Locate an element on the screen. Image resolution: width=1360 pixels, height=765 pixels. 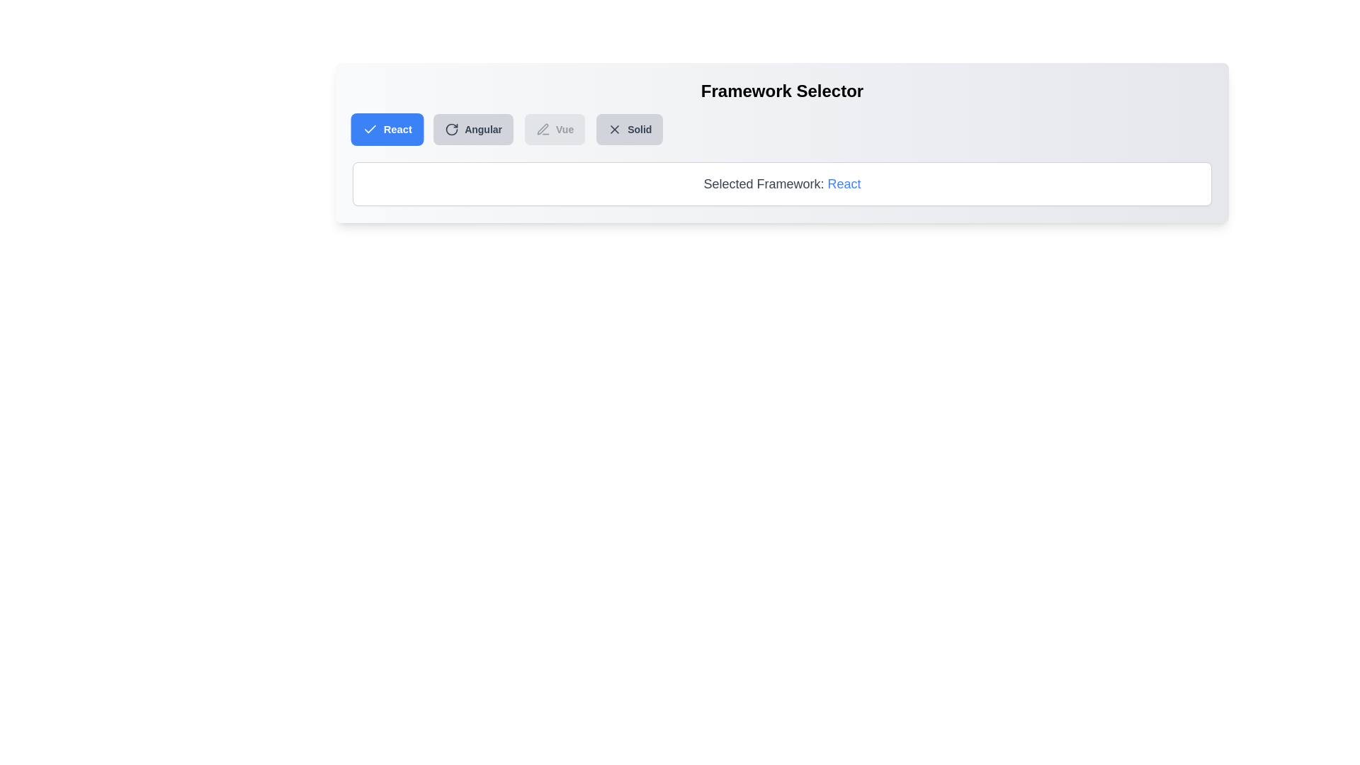
the SVG icon resembling a pen within the 'Vue' button, which is located between the 'Angular' and 'Solid' buttons is located at coordinates (543, 129).